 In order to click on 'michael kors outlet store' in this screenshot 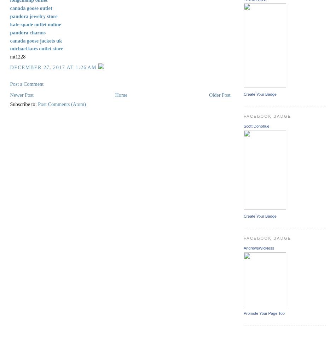, I will do `click(36, 48)`.